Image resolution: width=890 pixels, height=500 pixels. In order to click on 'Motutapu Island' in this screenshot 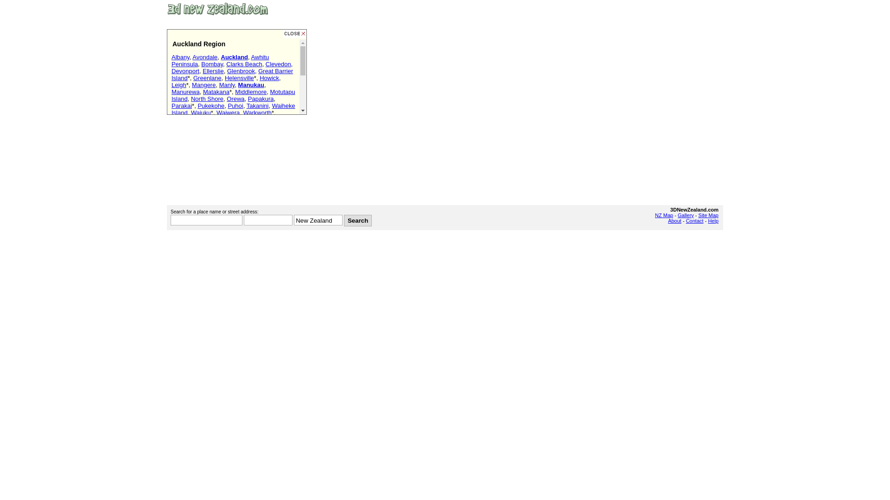, I will do `click(233, 95)`.